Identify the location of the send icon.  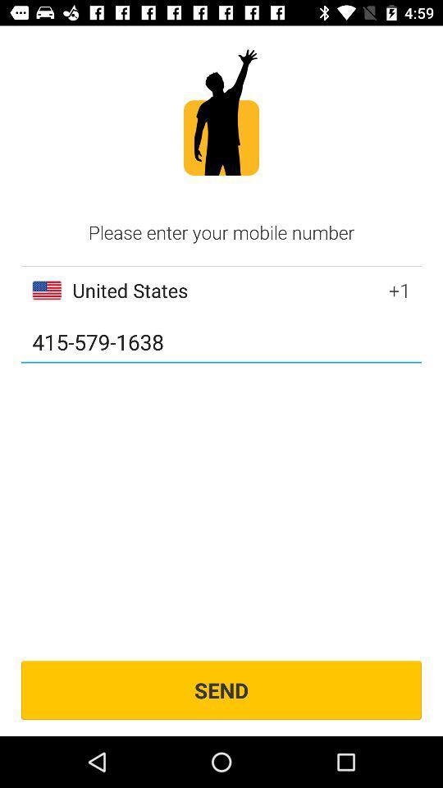
(221, 689).